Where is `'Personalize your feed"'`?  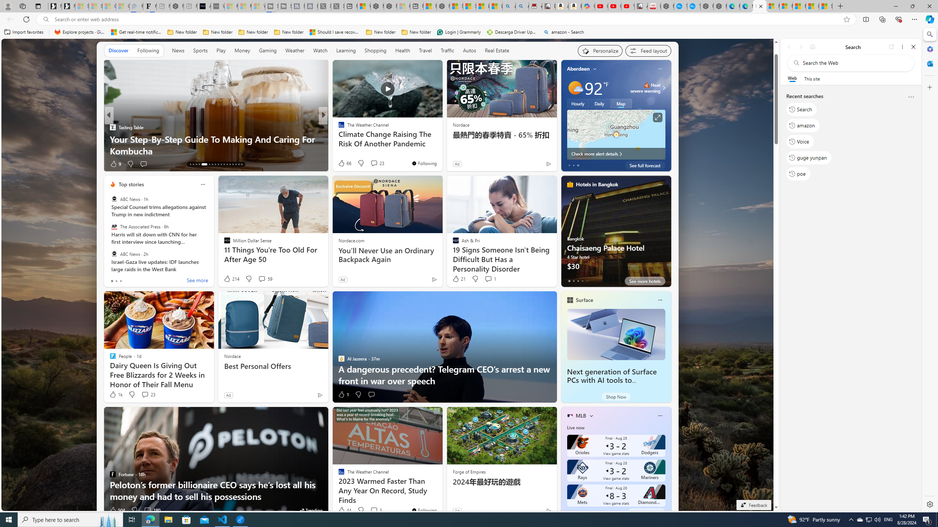
'Personalize your feed"' is located at coordinates (600, 50).